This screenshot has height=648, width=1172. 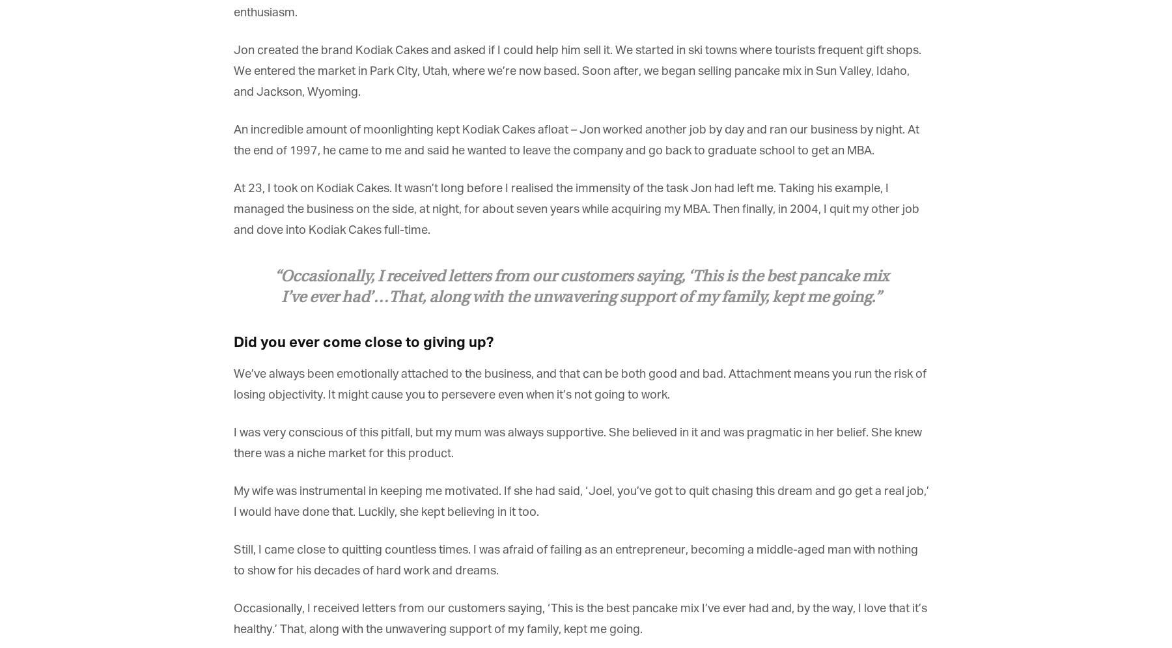 What do you see at coordinates (579, 619) in the screenshot?
I see `'Occasionally, I received letters from our customers saying, ‘This is the best pancake mix I’ve ever had and, by the way, I love that it’s healthy.’ That, along with the unwavering support of my family, kept me going.'` at bounding box center [579, 619].